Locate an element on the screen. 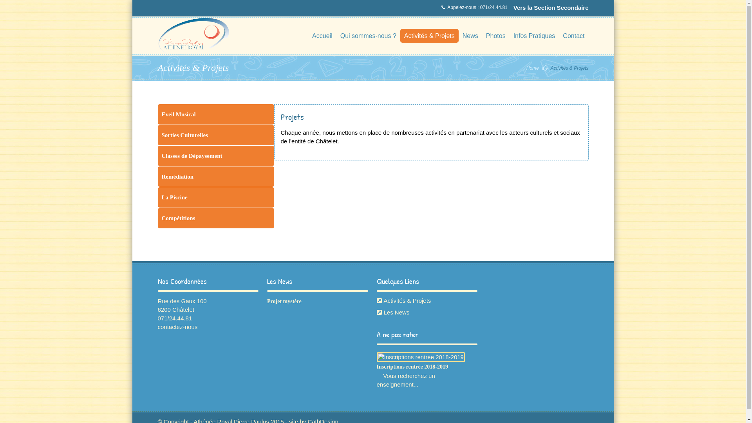 The height and width of the screenshot is (423, 752). 'Infos Pratiques' is located at coordinates (534, 36).